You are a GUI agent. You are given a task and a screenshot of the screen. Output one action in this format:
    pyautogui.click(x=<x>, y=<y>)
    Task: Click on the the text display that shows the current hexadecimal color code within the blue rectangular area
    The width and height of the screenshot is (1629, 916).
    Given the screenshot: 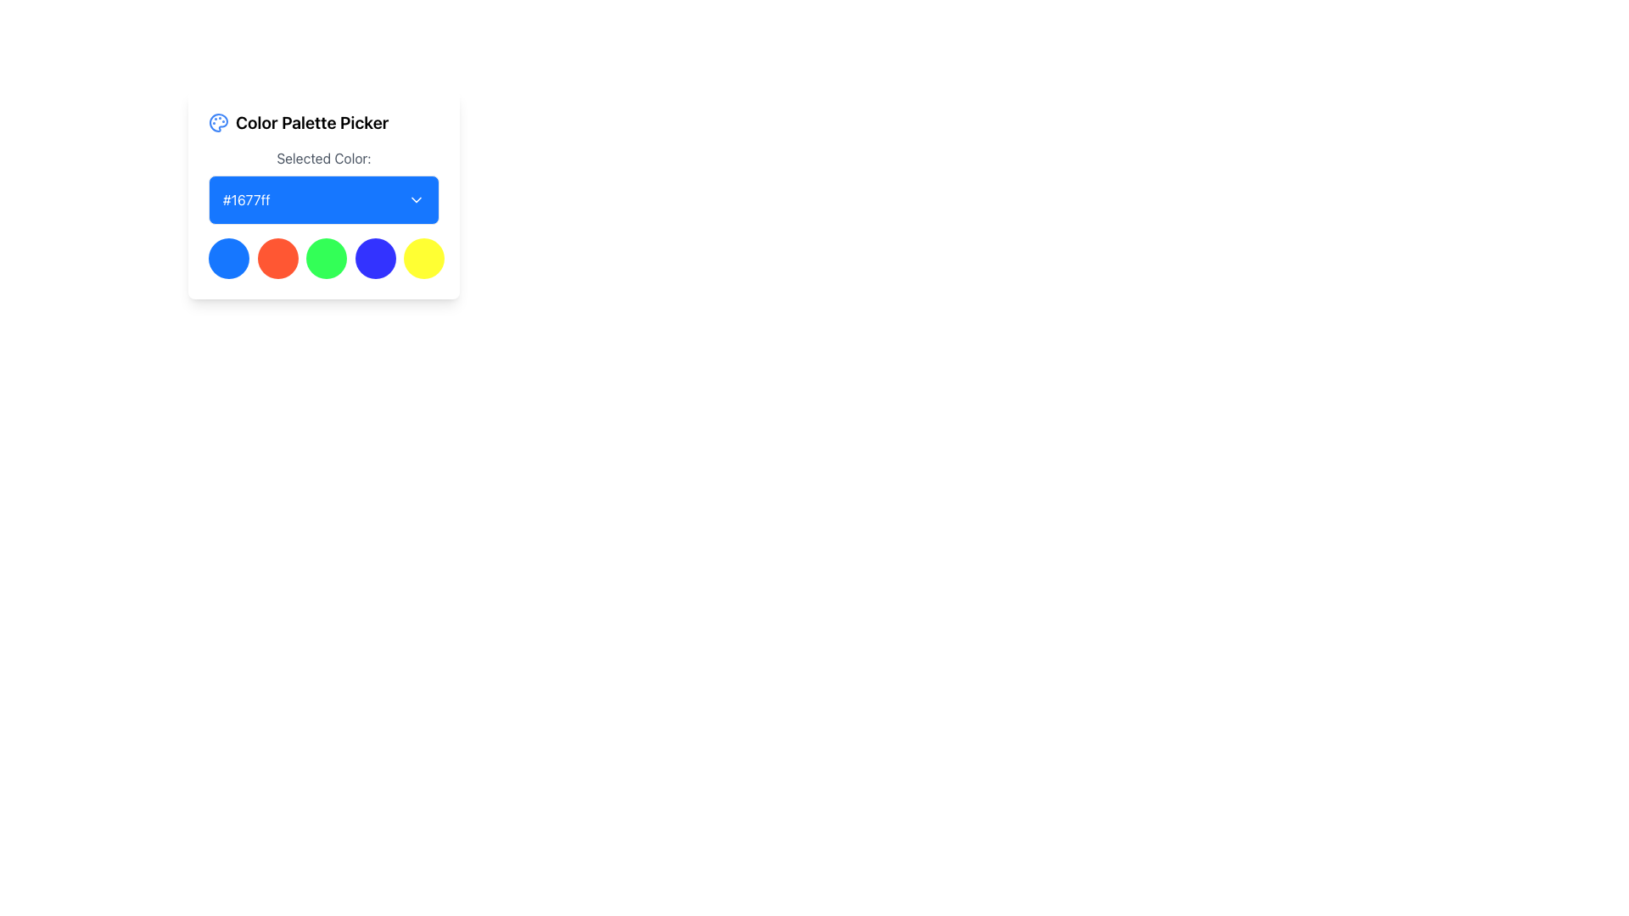 What is the action you would take?
    pyautogui.click(x=245, y=198)
    